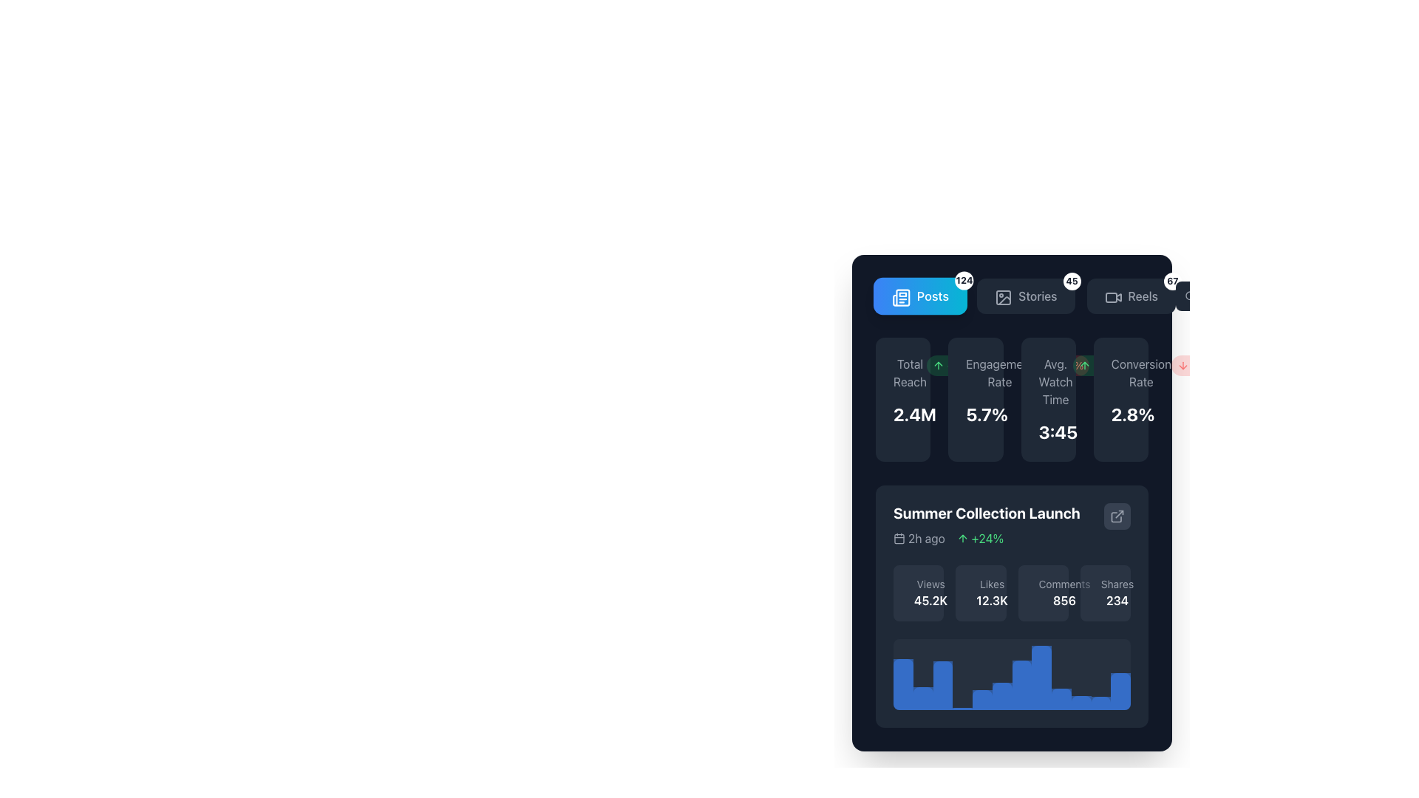 This screenshot has height=798, width=1419. Describe the element at coordinates (1113, 297) in the screenshot. I see `the 'Reels' icon located in the top navigation bar, positioned between the 'Stories' icon and another indicator` at that location.